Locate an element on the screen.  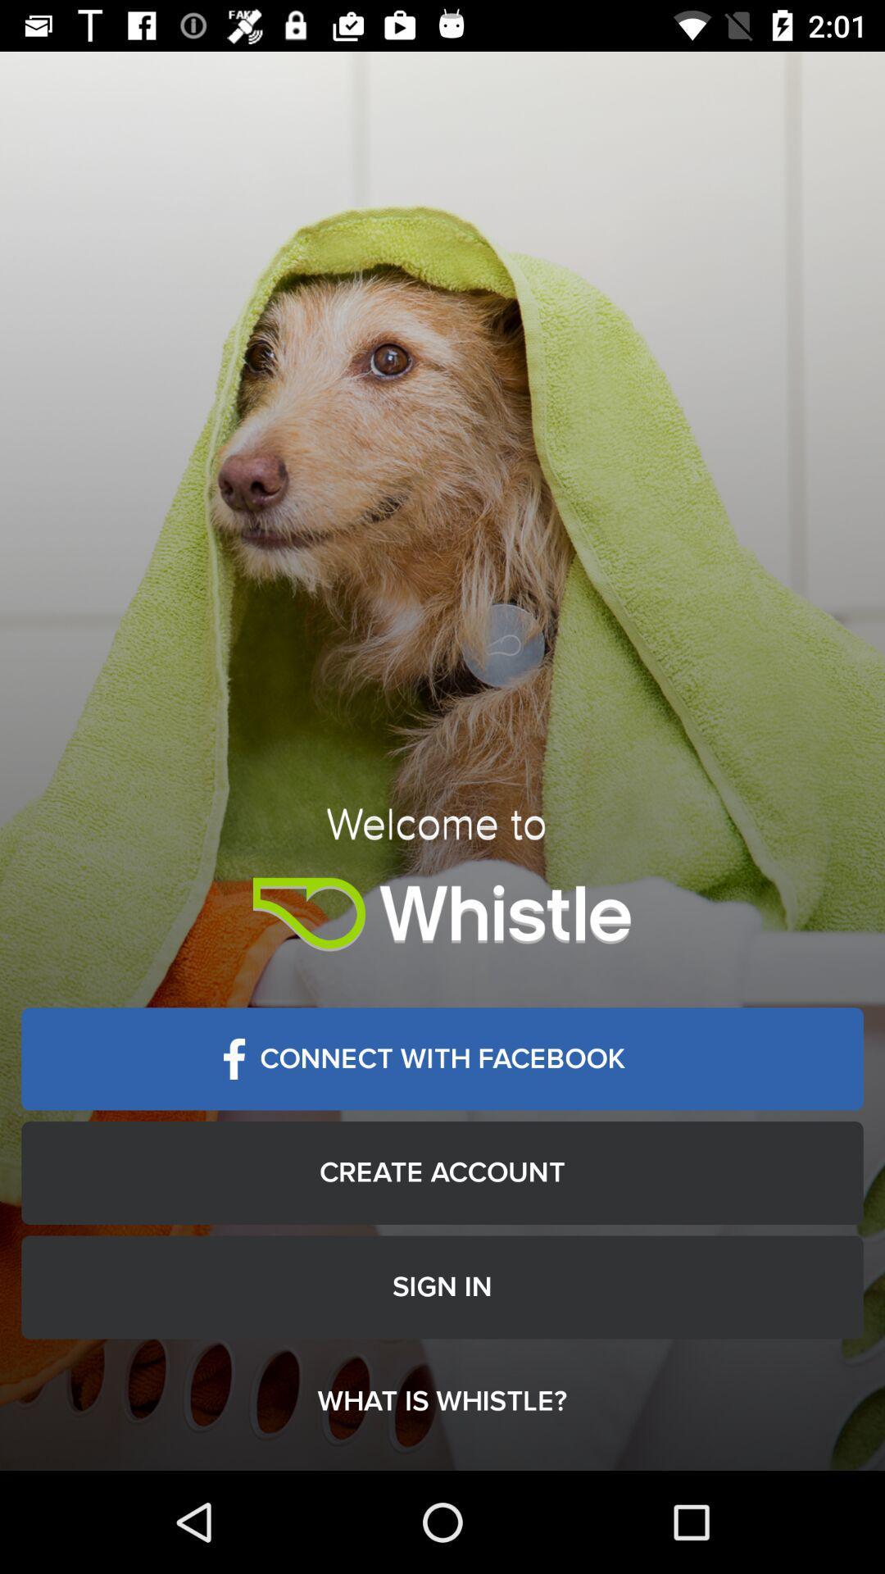
the connect with facebook is located at coordinates (442, 1058).